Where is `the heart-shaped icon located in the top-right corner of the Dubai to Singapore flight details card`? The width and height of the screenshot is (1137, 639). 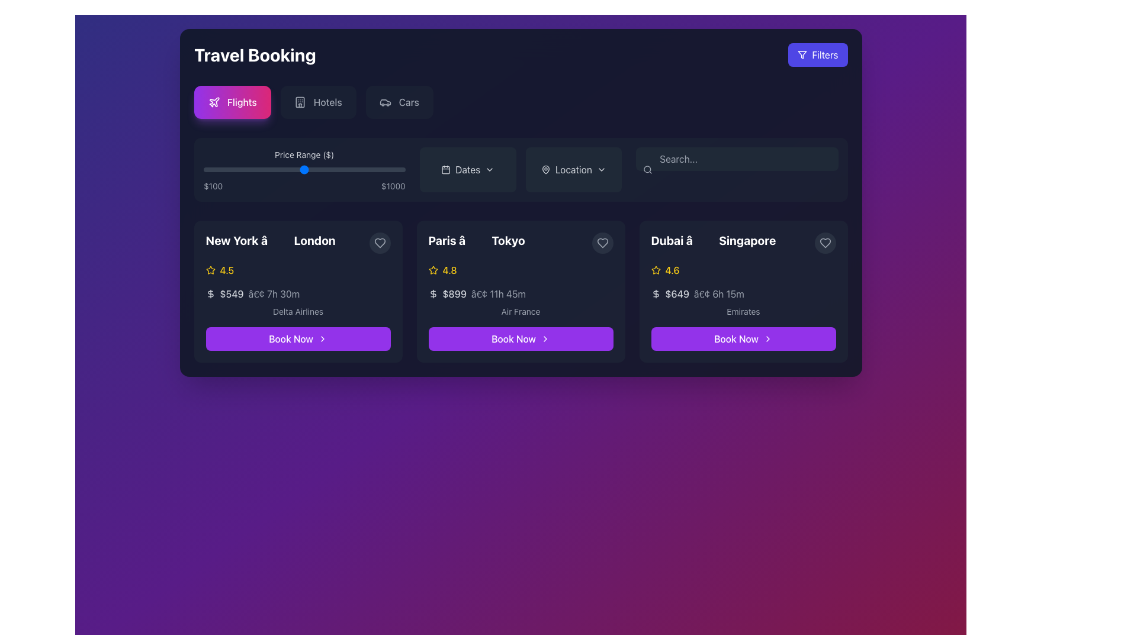
the heart-shaped icon located in the top-right corner of the Dubai to Singapore flight details card is located at coordinates (824, 243).